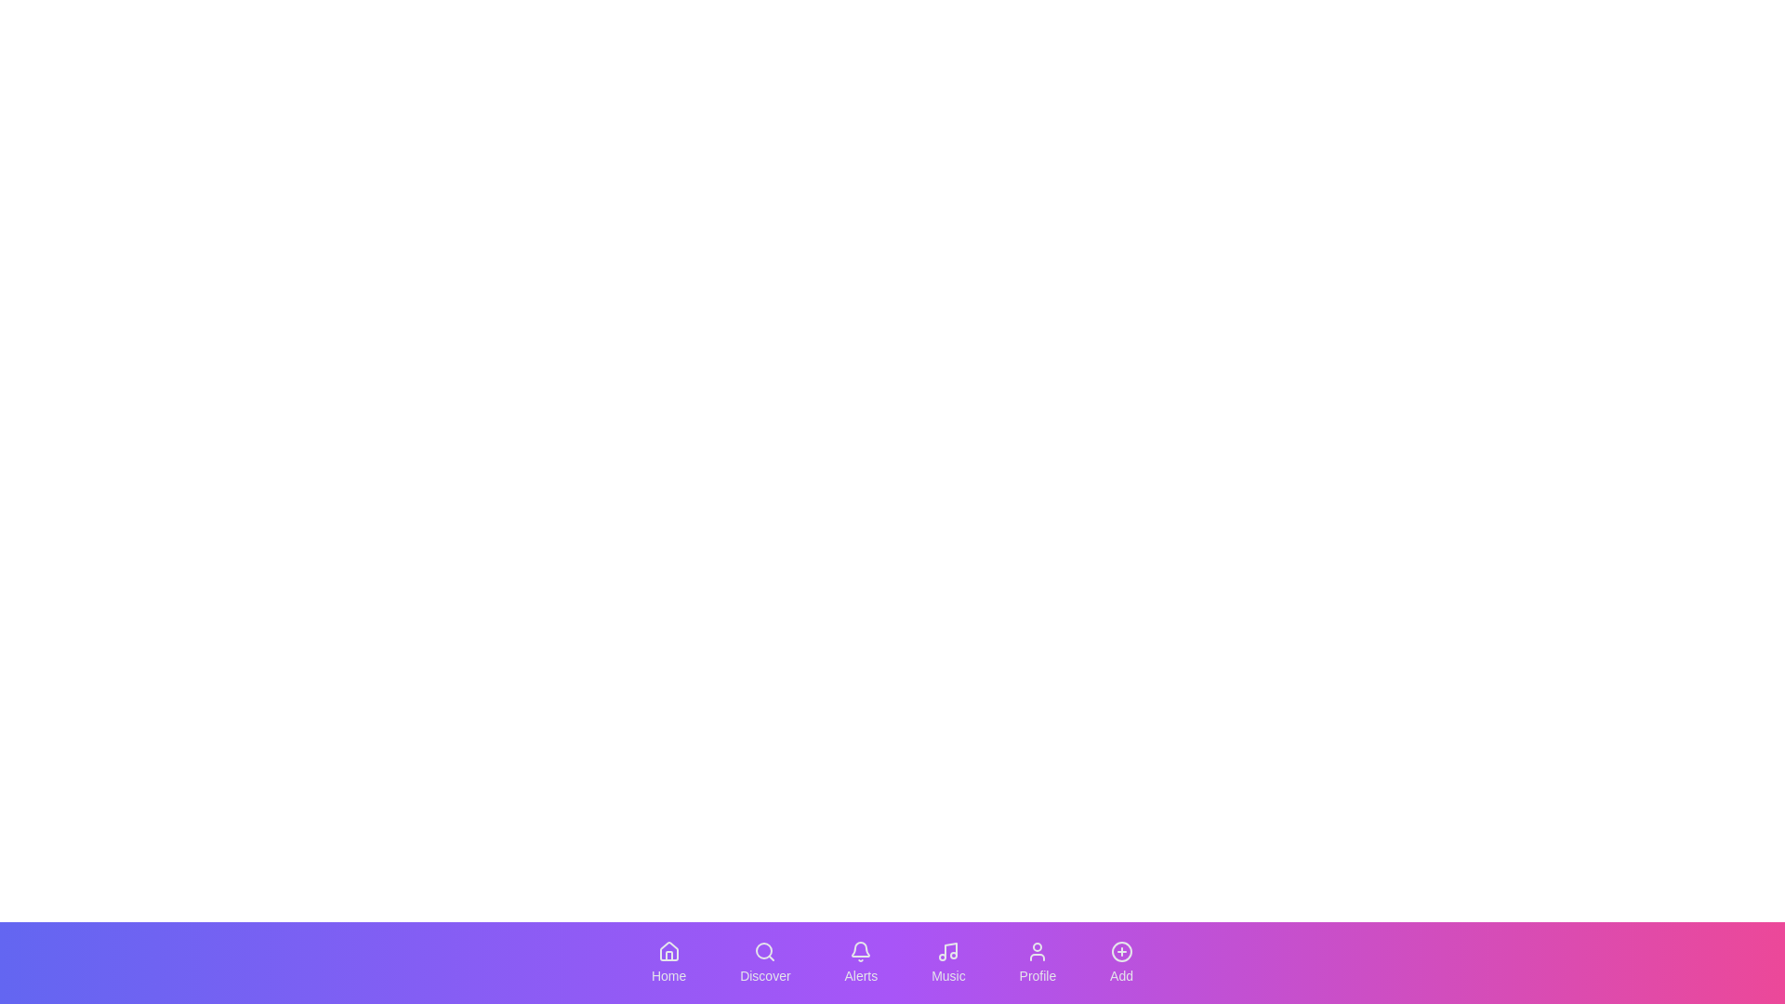  What do you see at coordinates (947, 962) in the screenshot?
I see `the navigation button corresponding to Music` at bounding box center [947, 962].